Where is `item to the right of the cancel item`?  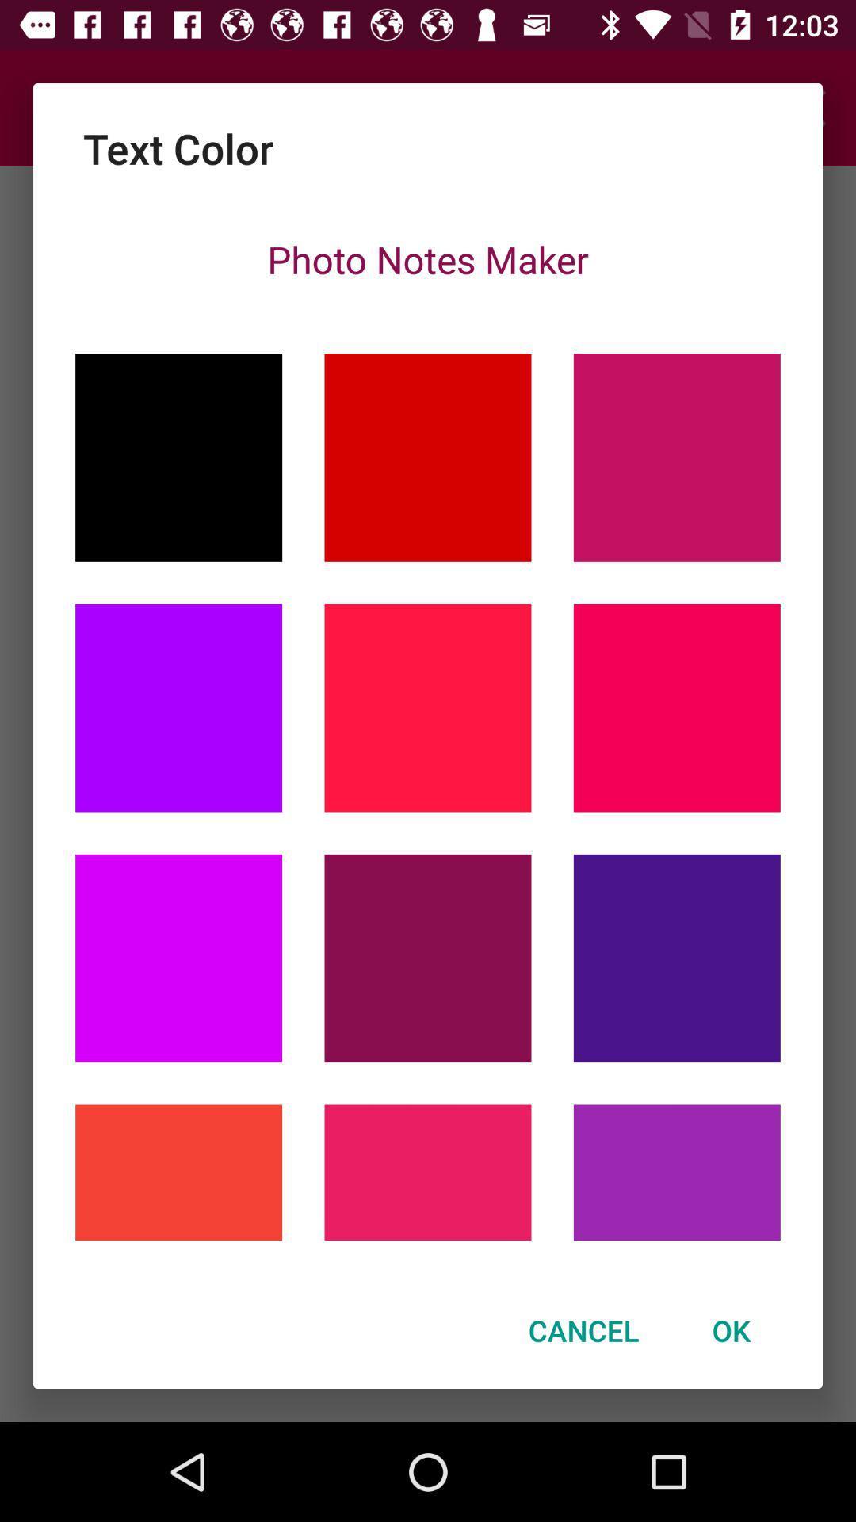 item to the right of the cancel item is located at coordinates (731, 1330).